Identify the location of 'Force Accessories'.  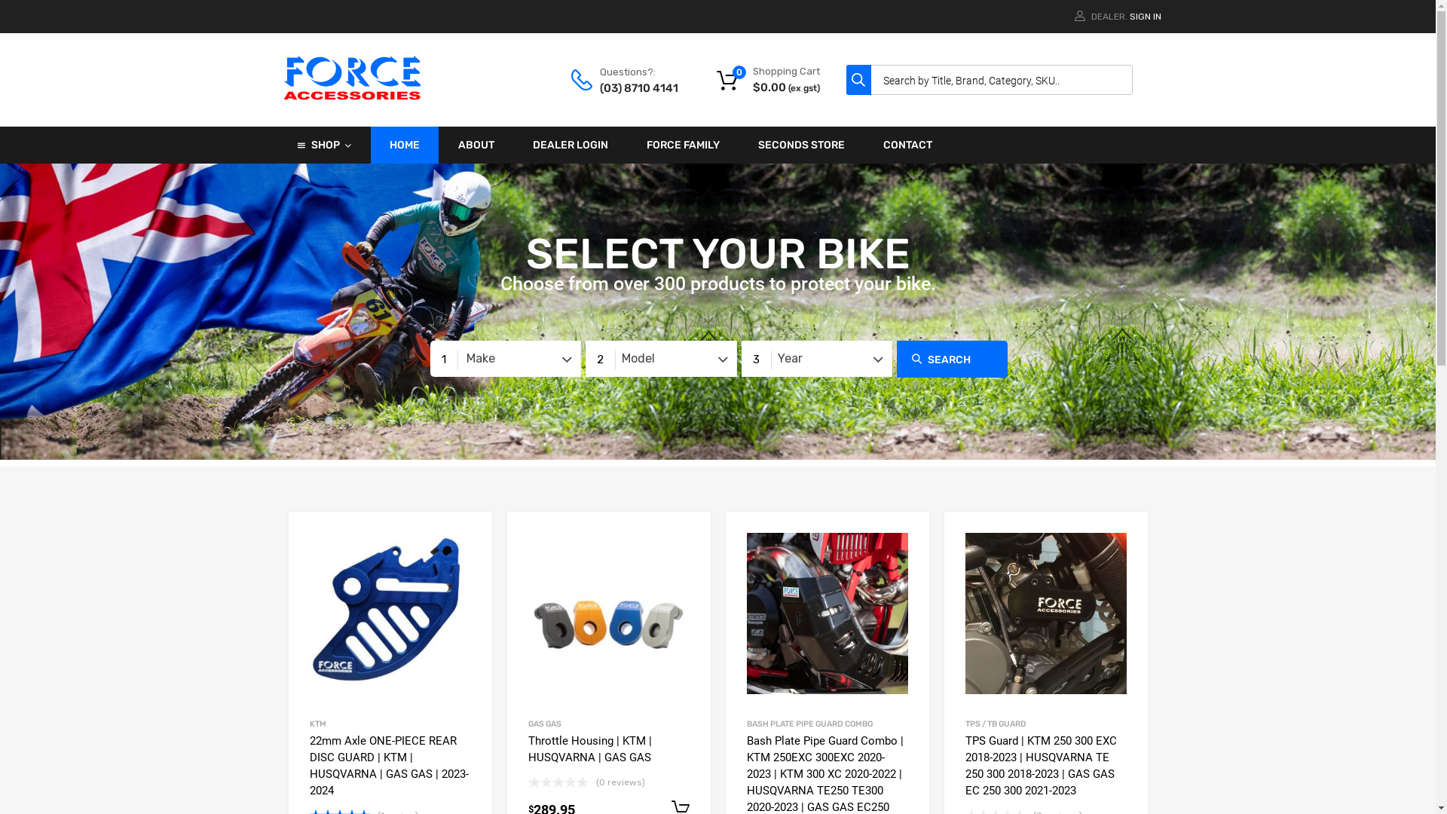
(352, 98).